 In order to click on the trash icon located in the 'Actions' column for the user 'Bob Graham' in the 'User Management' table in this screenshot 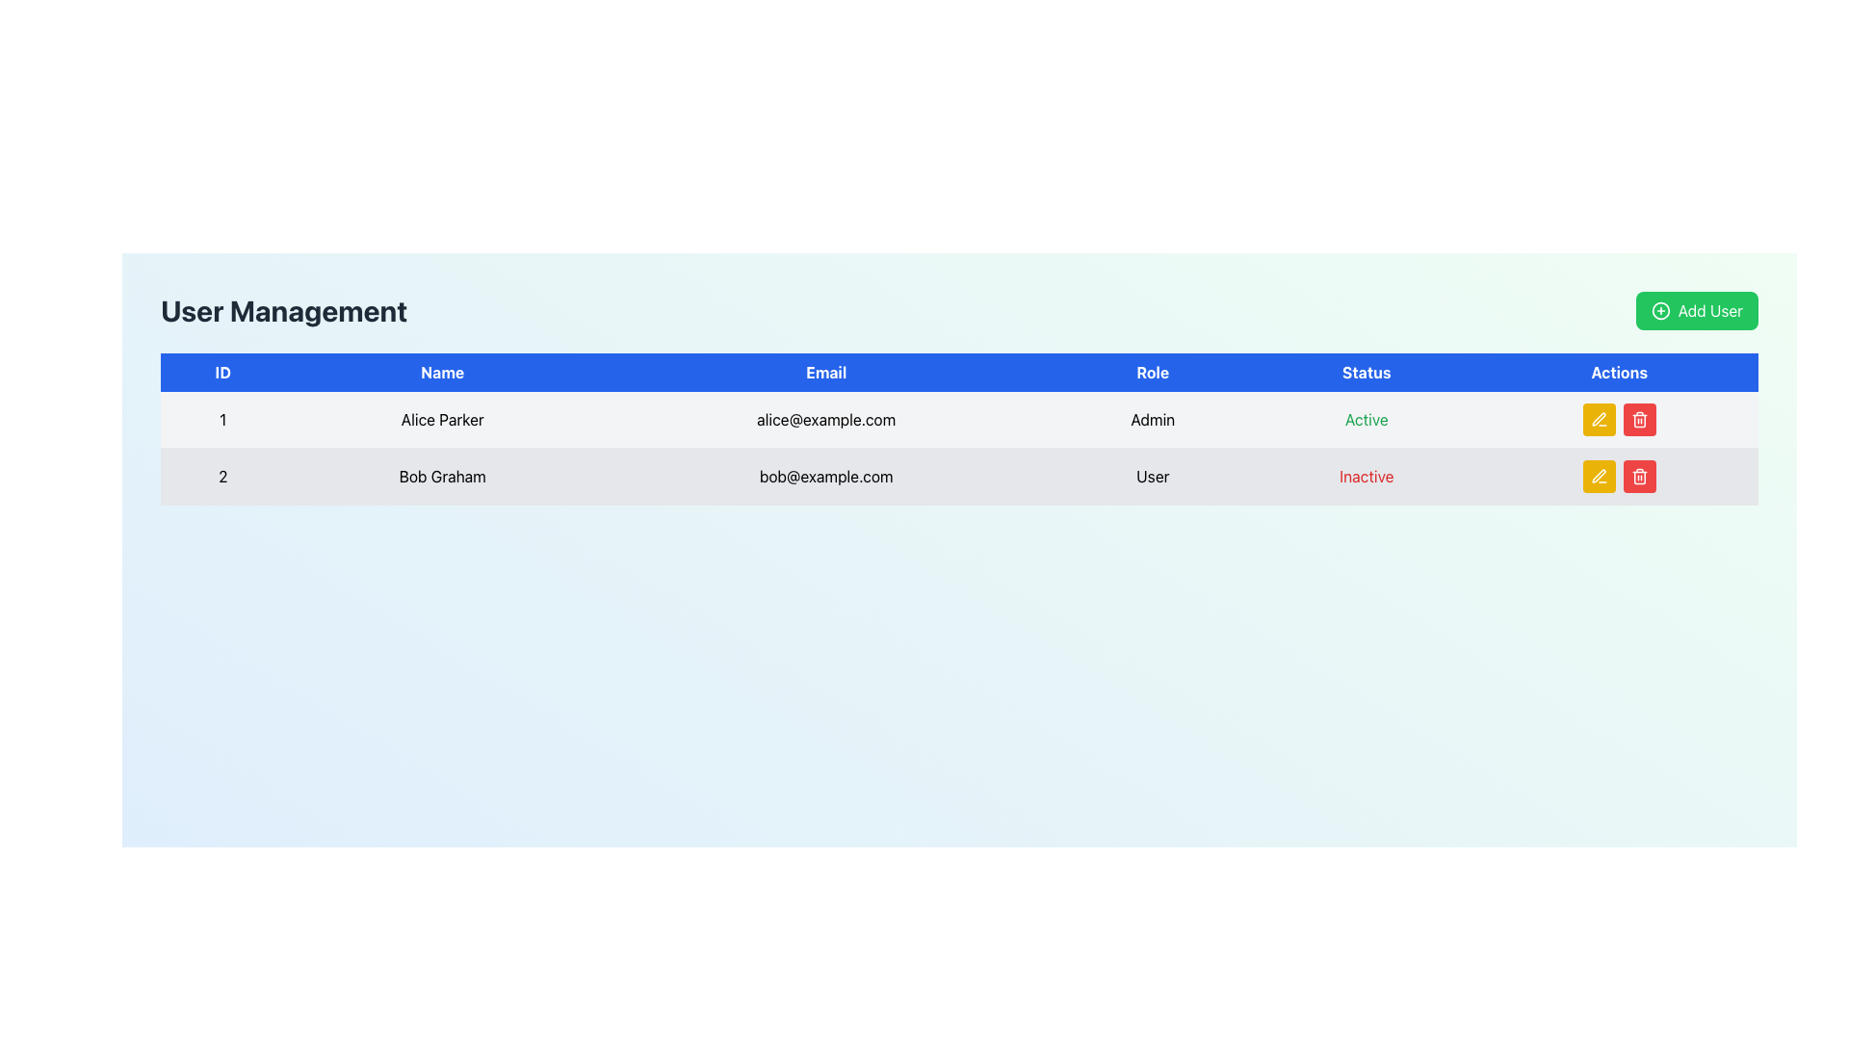, I will do `click(1618, 476)`.